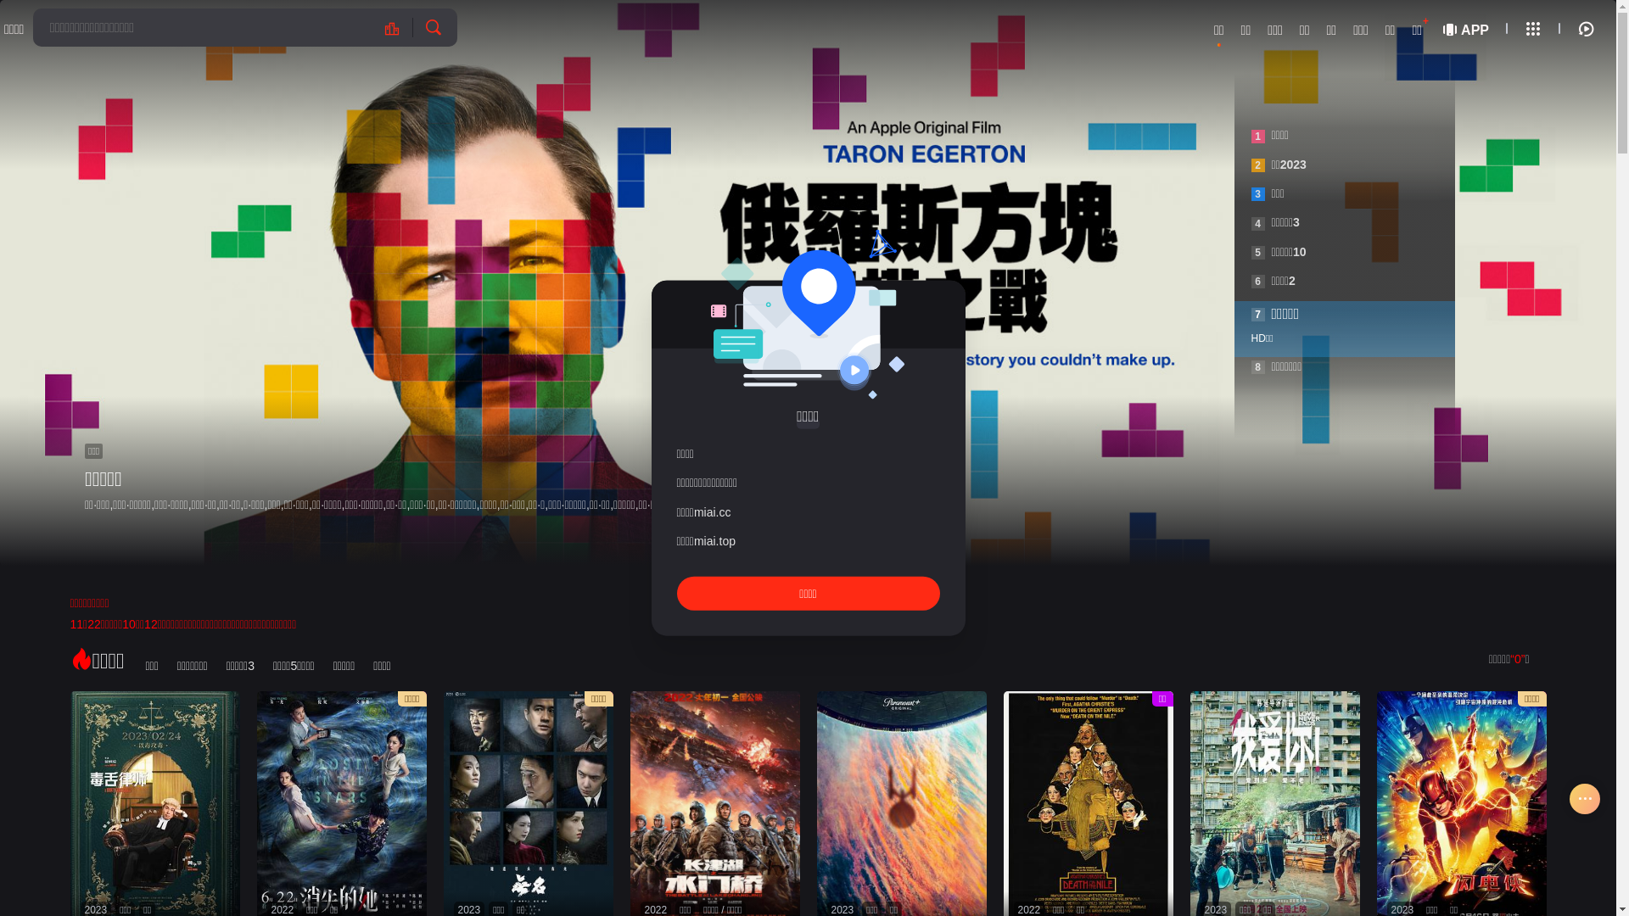  I want to click on 'APP', so click(1437, 29).